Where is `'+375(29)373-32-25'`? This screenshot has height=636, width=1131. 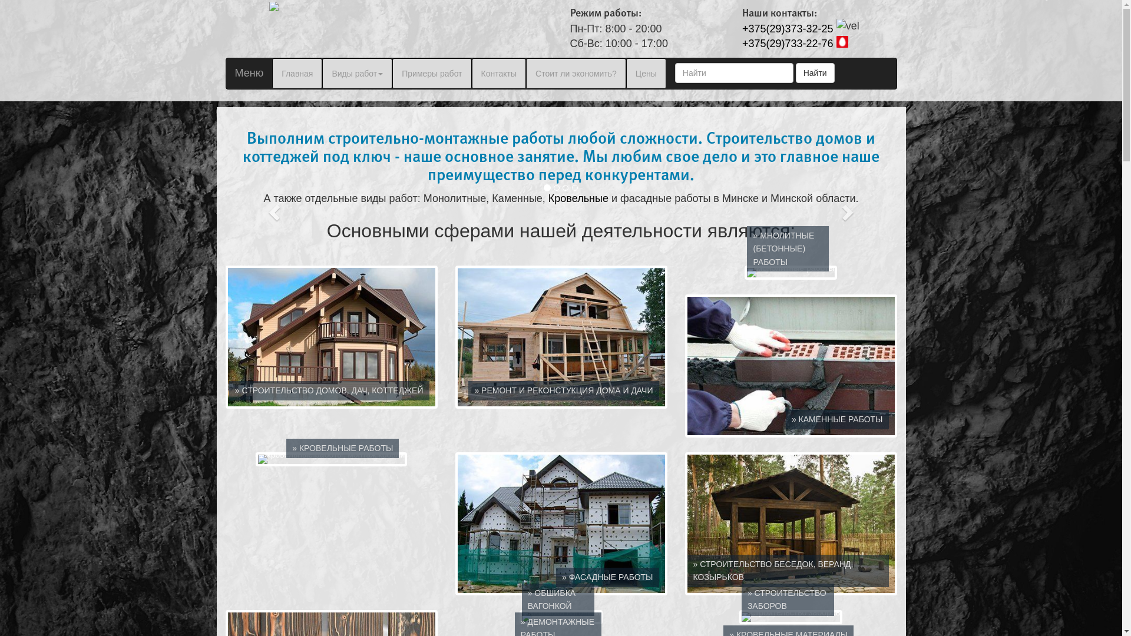
'+375(29)373-32-25' is located at coordinates (788, 28).